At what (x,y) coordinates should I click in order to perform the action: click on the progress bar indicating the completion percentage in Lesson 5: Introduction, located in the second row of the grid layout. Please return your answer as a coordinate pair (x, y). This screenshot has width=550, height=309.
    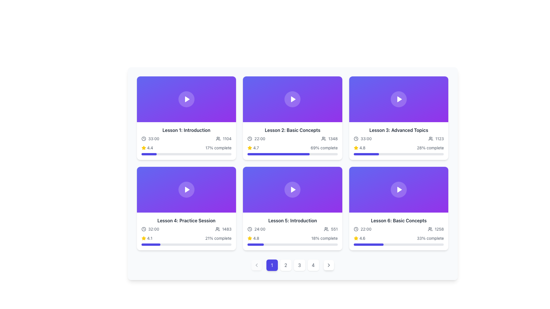
    Looking at the image, I should click on (292, 245).